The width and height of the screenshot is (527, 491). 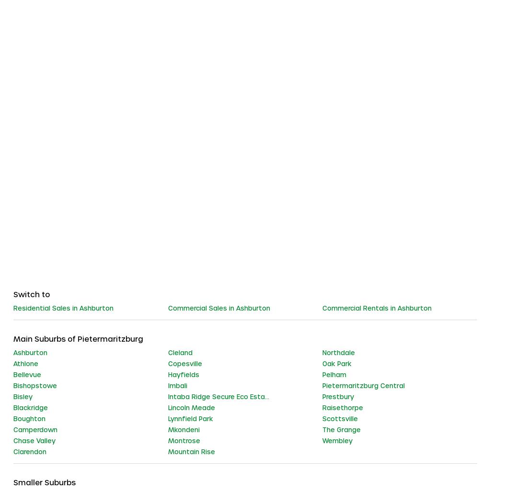 What do you see at coordinates (333, 373) in the screenshot?
I see `'Pelham'` at bounding box center [333, 373].